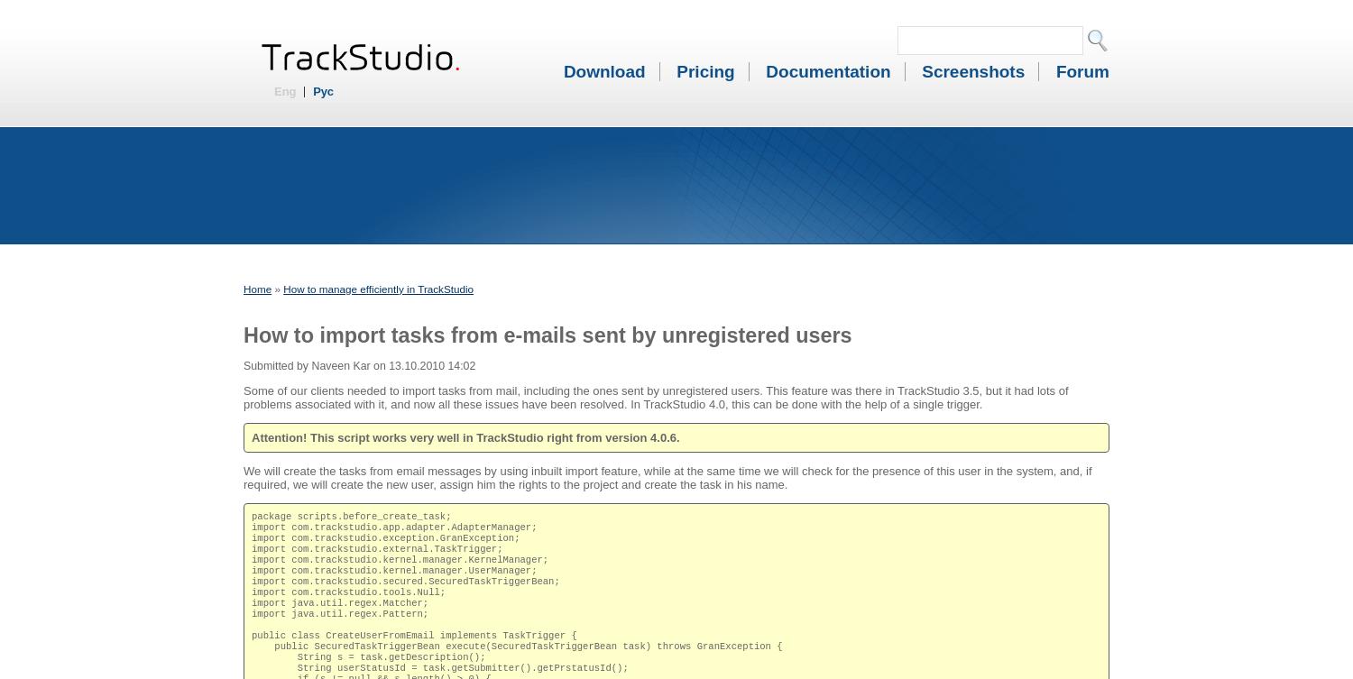  Describe the element at coordinates (971, 71) in the screenshot. I see `'Screenshots'` at that location.